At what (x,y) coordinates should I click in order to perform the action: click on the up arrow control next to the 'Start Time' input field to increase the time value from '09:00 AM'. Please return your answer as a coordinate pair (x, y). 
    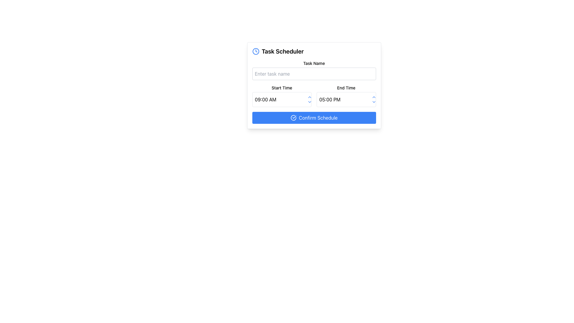
    Looking at the image, I should click on (281, 95).